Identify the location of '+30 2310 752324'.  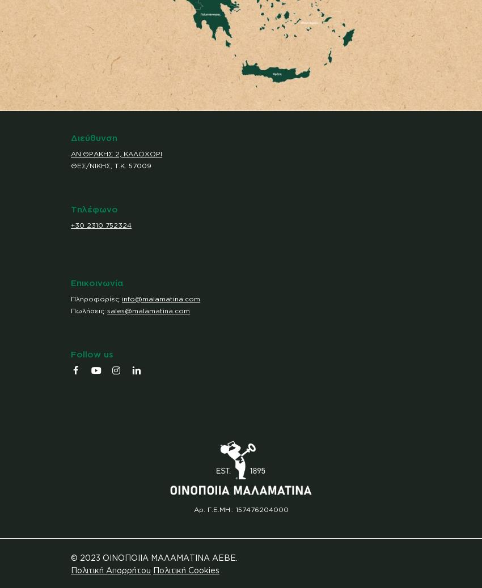
(100, 224).